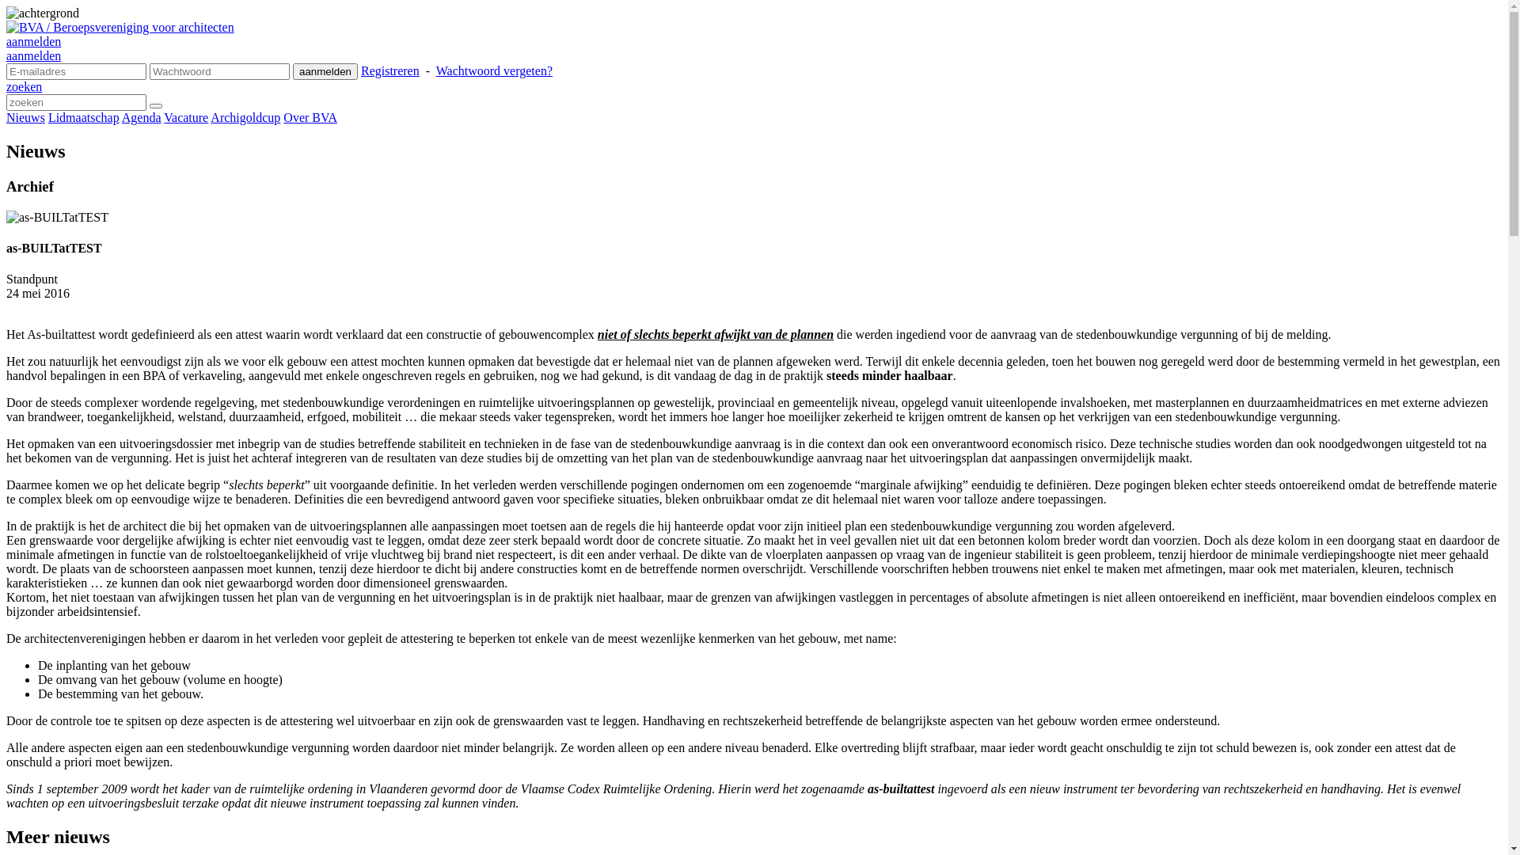 This screenshot has width=1520, height=855. What do you see at coordinates (310, 116) in the screenshot?
I see `'Over BVA'` at bounding box center [310, 116].